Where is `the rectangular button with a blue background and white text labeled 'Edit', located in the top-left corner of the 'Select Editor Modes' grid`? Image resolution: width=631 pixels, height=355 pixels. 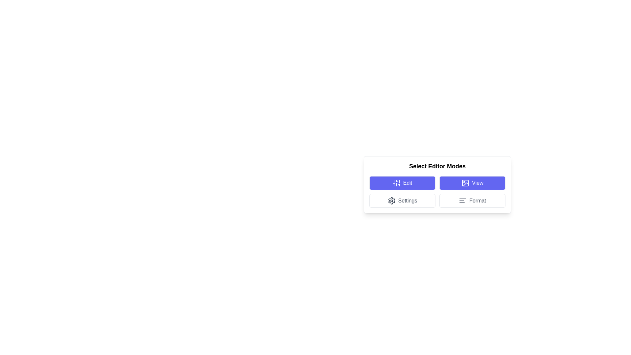
the rectangular button with a blue background and white text labeled 'Edit', located in the top-left corner of the 'Select Editor Modes' grid is located at coordinates (402, 183).